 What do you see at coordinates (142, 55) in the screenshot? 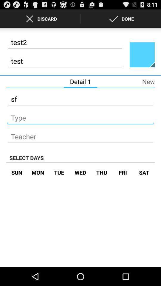
I see `image` at bounding box center [142, 55].